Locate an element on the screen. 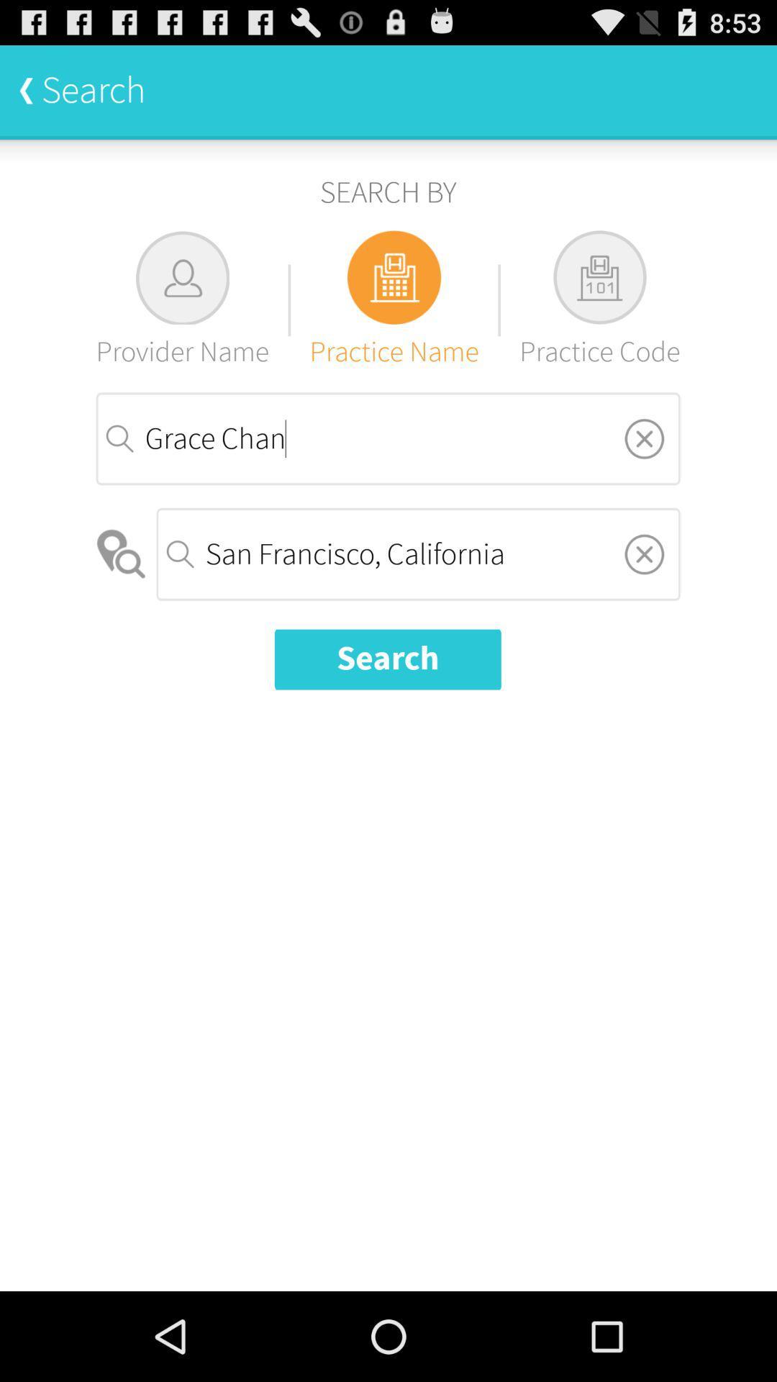  the icon above the search is located at coordinates (418, 554).